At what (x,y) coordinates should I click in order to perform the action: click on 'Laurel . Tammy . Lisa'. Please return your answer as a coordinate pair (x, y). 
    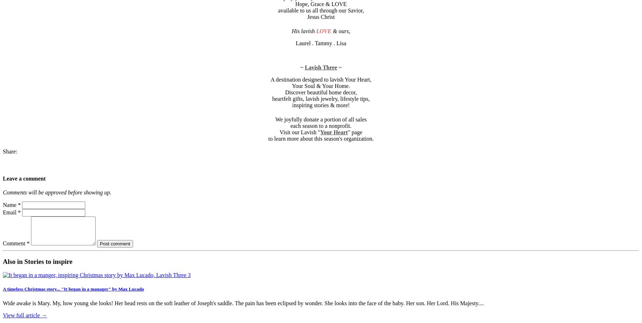
    Looking at the image, I should click on (321, 43).